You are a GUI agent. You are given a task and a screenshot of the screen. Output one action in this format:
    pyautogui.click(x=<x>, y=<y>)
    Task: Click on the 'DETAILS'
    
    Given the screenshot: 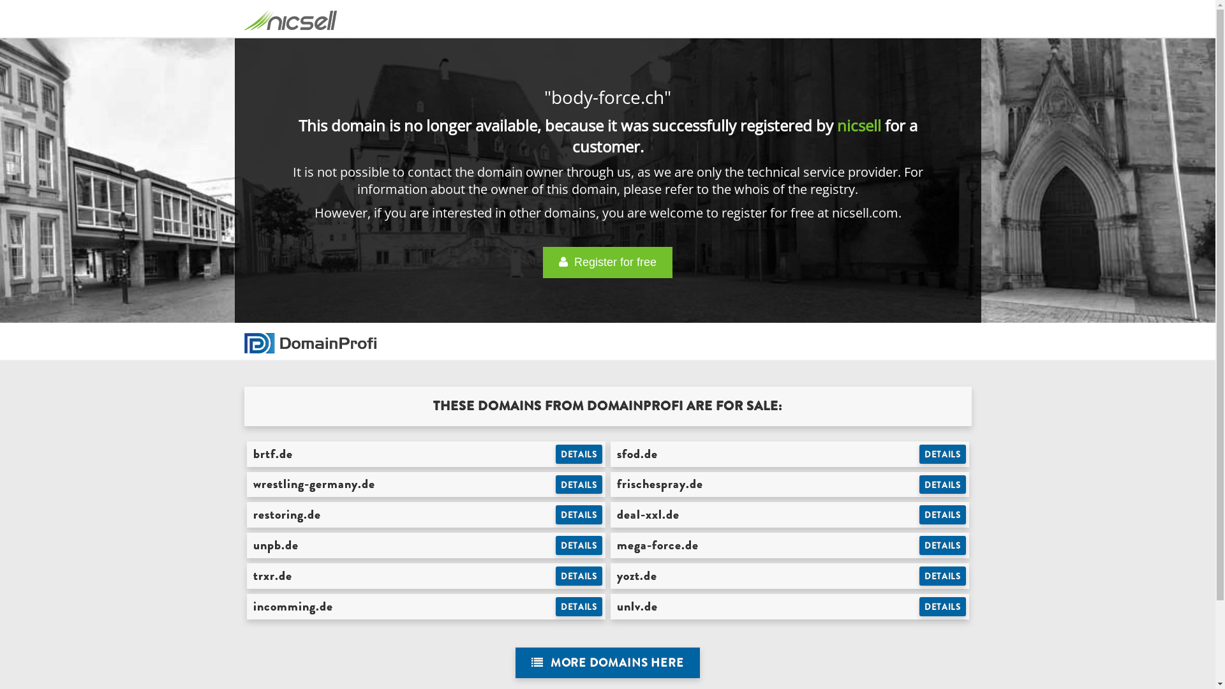 What is the action you would take?
    pyautogui.click(x=578, y=484)
    